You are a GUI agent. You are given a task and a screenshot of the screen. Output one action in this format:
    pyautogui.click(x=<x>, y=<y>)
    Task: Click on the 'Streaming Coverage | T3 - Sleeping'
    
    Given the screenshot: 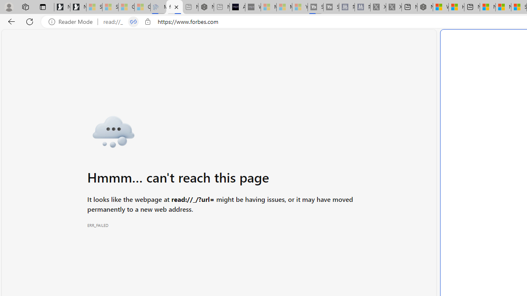 What is the action you would take?
    pyautogui.click(x=315, y=7)
    